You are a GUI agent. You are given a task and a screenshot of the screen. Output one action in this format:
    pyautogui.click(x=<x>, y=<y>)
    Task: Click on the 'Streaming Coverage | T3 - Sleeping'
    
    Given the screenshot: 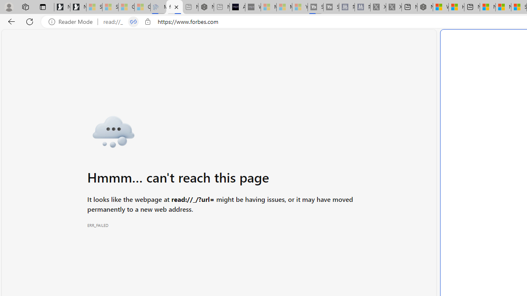 What is the action you would take?
    pyautogui.click(x=315, y=7)
    